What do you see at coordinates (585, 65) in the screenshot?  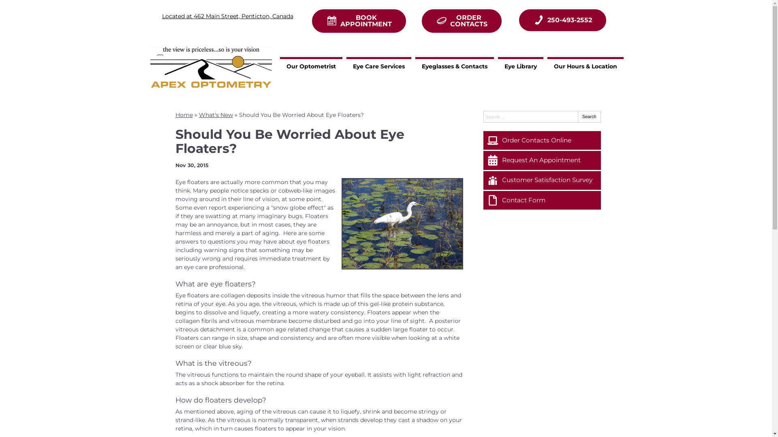 I see `'Our Hours & Location'` at bounding box center [585, 65].